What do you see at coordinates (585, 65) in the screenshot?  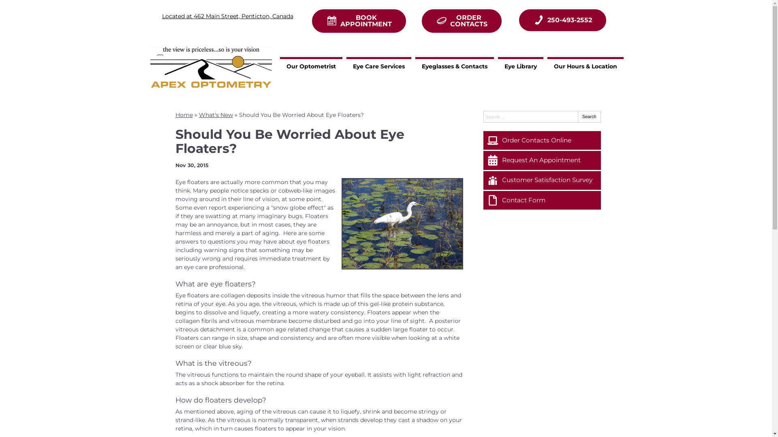 I see `'Our Hours & Location'` at bounding box center [585, 65].